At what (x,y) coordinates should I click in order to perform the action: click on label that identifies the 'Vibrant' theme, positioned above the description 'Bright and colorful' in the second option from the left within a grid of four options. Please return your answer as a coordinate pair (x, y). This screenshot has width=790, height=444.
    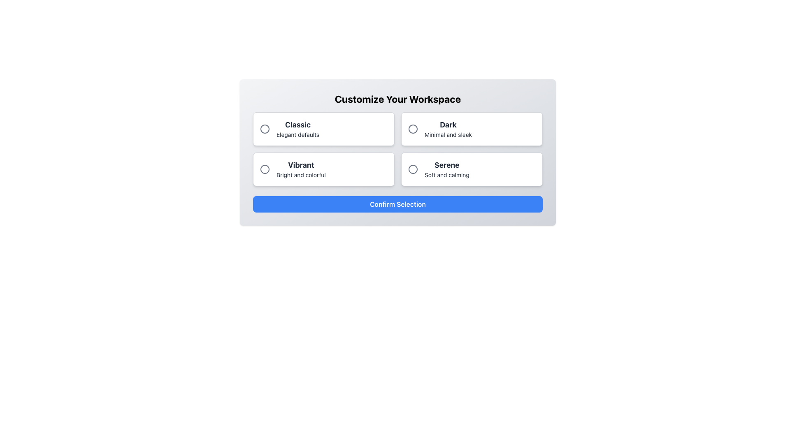
    Looking at the image, I should click on (300, 165).